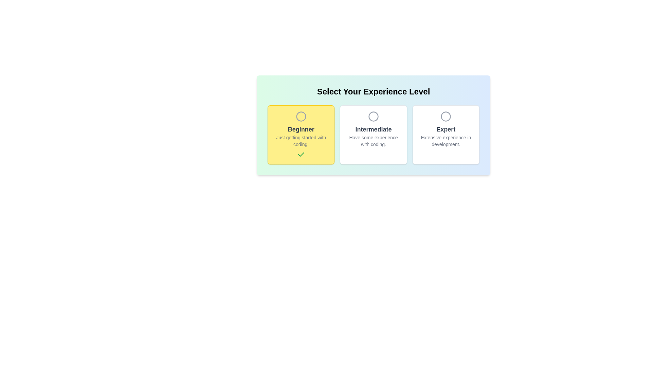  I want to click on the static text that reads 'Just getting started with coding.' located beneath the 'Beginner' label in the yellow-highlighted section, so click(301, 141).